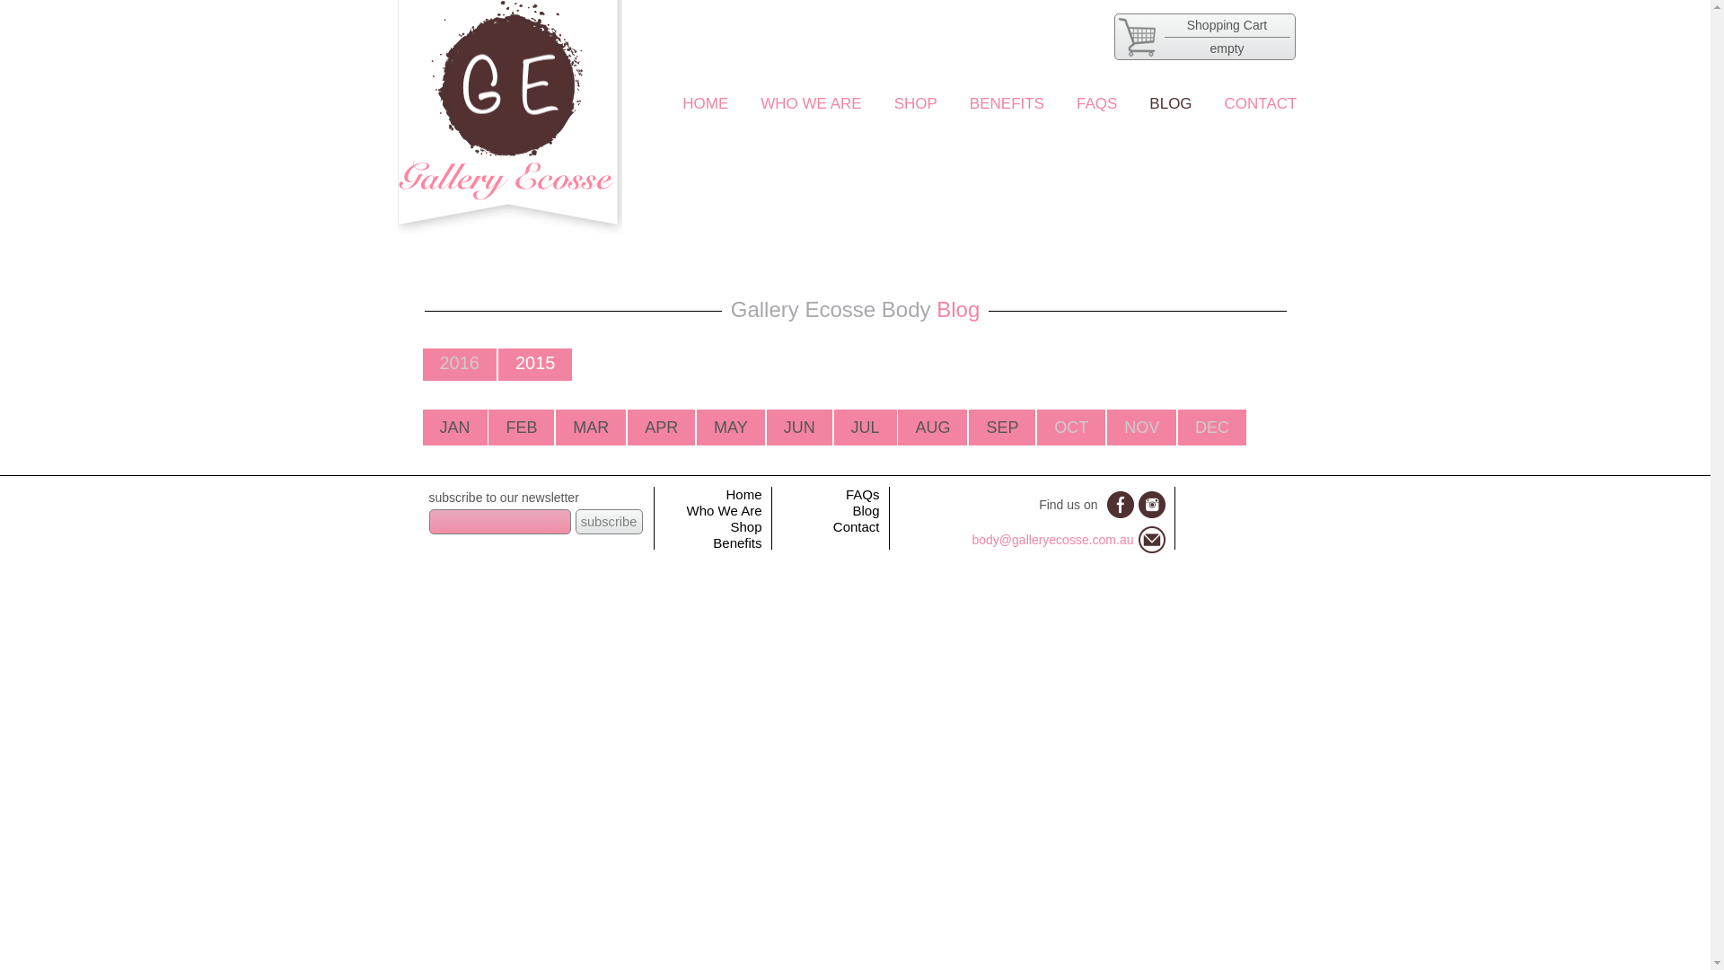 This screenshot has width=1724, height=970. Describe the element at coordinates (608, 522) in the screenshot. I see `'subscribe'` at that location.